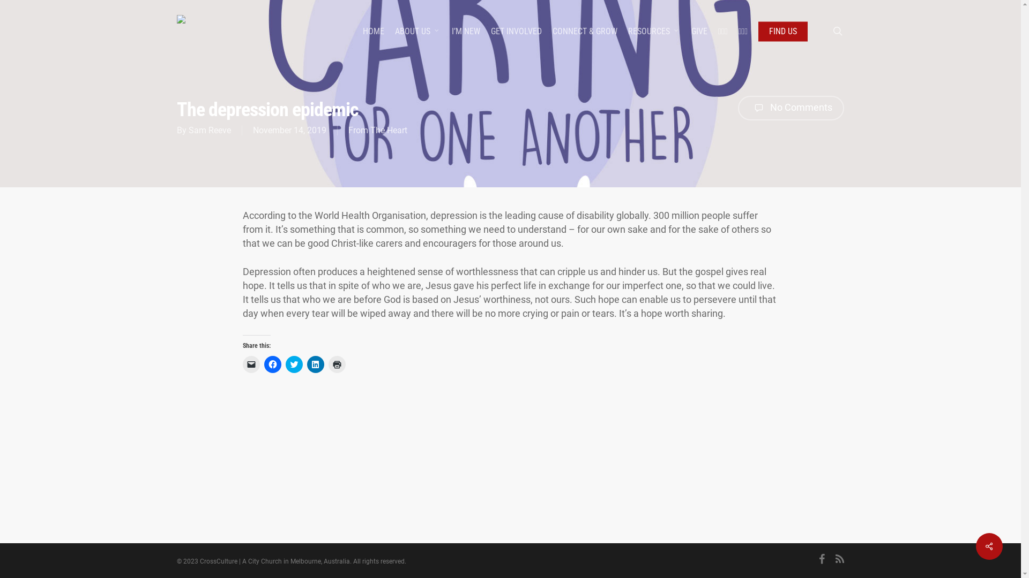 The image size is (1029, 578). What do you see at coordinates (821, 559) in the screenshot?
I see `'facebook'` at bounding box center [821, 559].